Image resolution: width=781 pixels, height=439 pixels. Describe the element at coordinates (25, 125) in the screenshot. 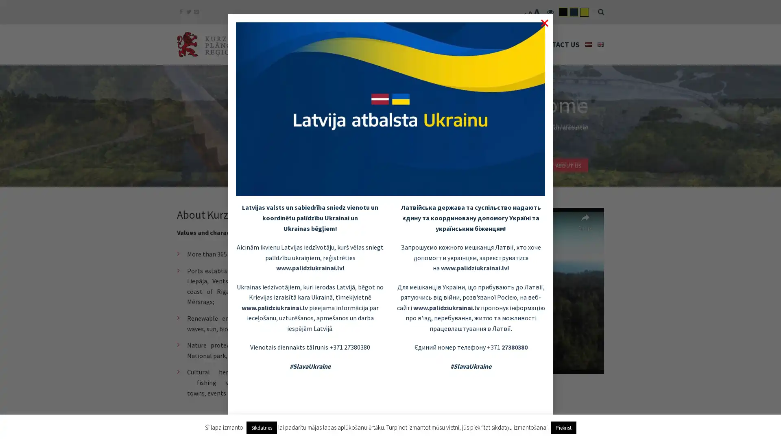

I see `previous` at that location.